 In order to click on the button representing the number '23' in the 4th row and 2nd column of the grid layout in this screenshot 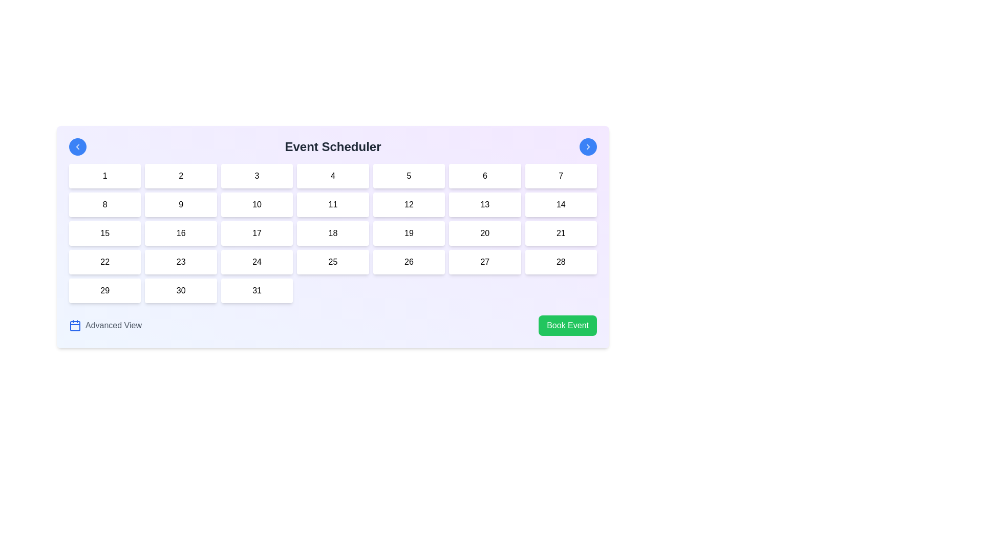, I will do `click(181, 262)`.